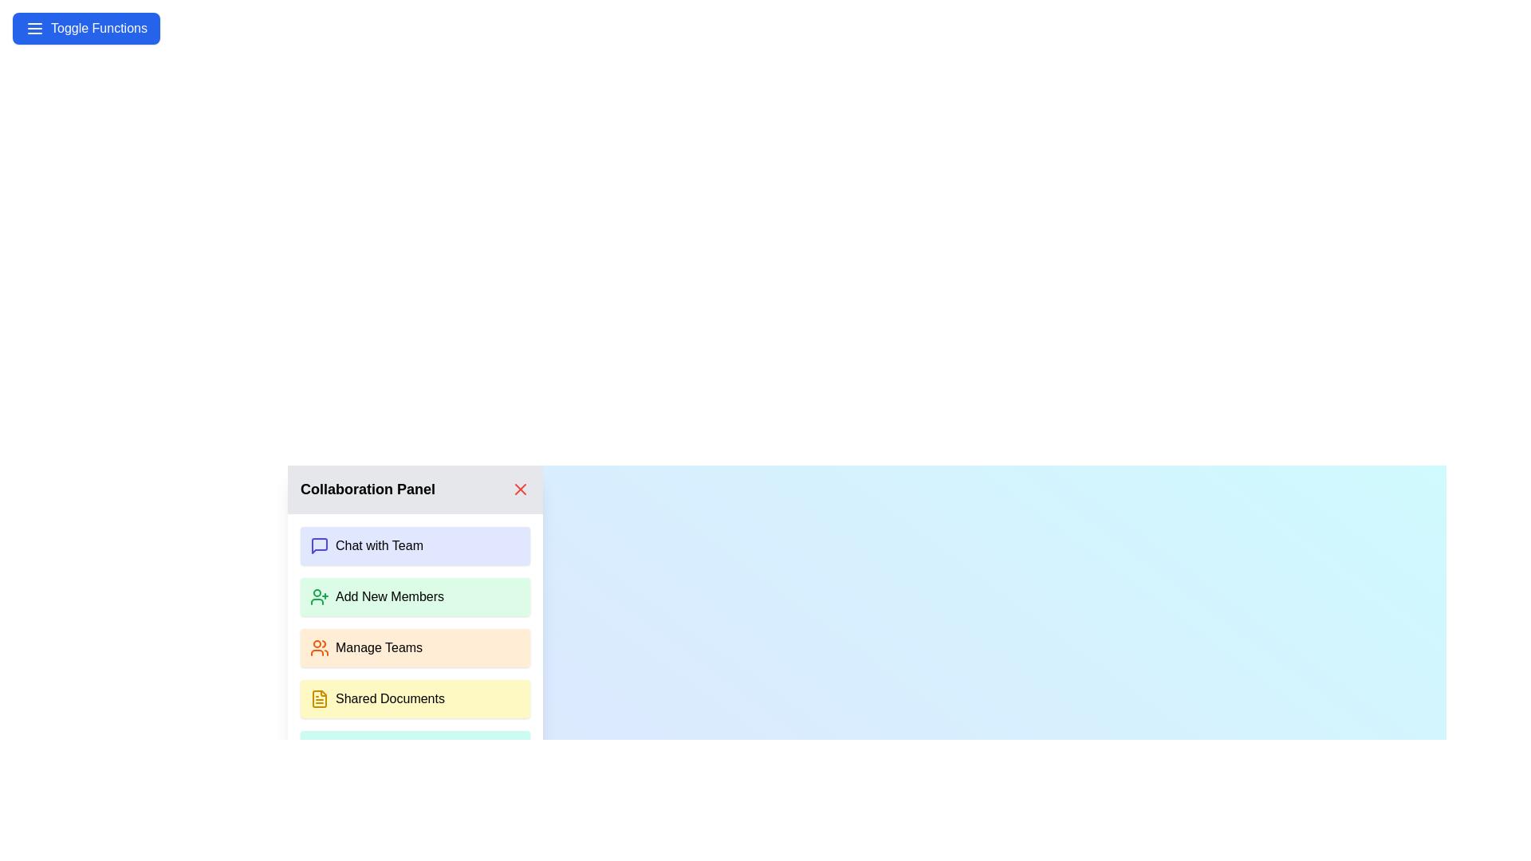 This screenshot has height=861, width=1531. I want to click on the 'Chat with Team' button, which has a light indigo background, rounded corners, and features a purple speech bubble icon, so click(415, 545).